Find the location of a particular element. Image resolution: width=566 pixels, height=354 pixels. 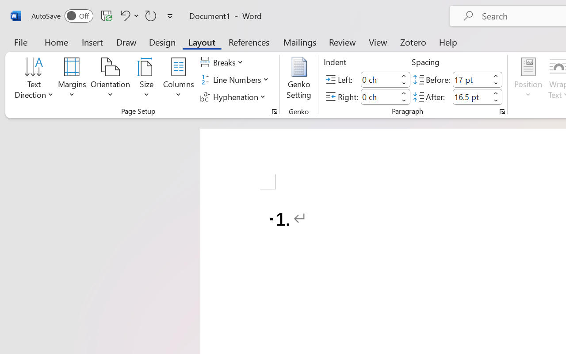

'Text Direction' is located at coordinates (34, 79).